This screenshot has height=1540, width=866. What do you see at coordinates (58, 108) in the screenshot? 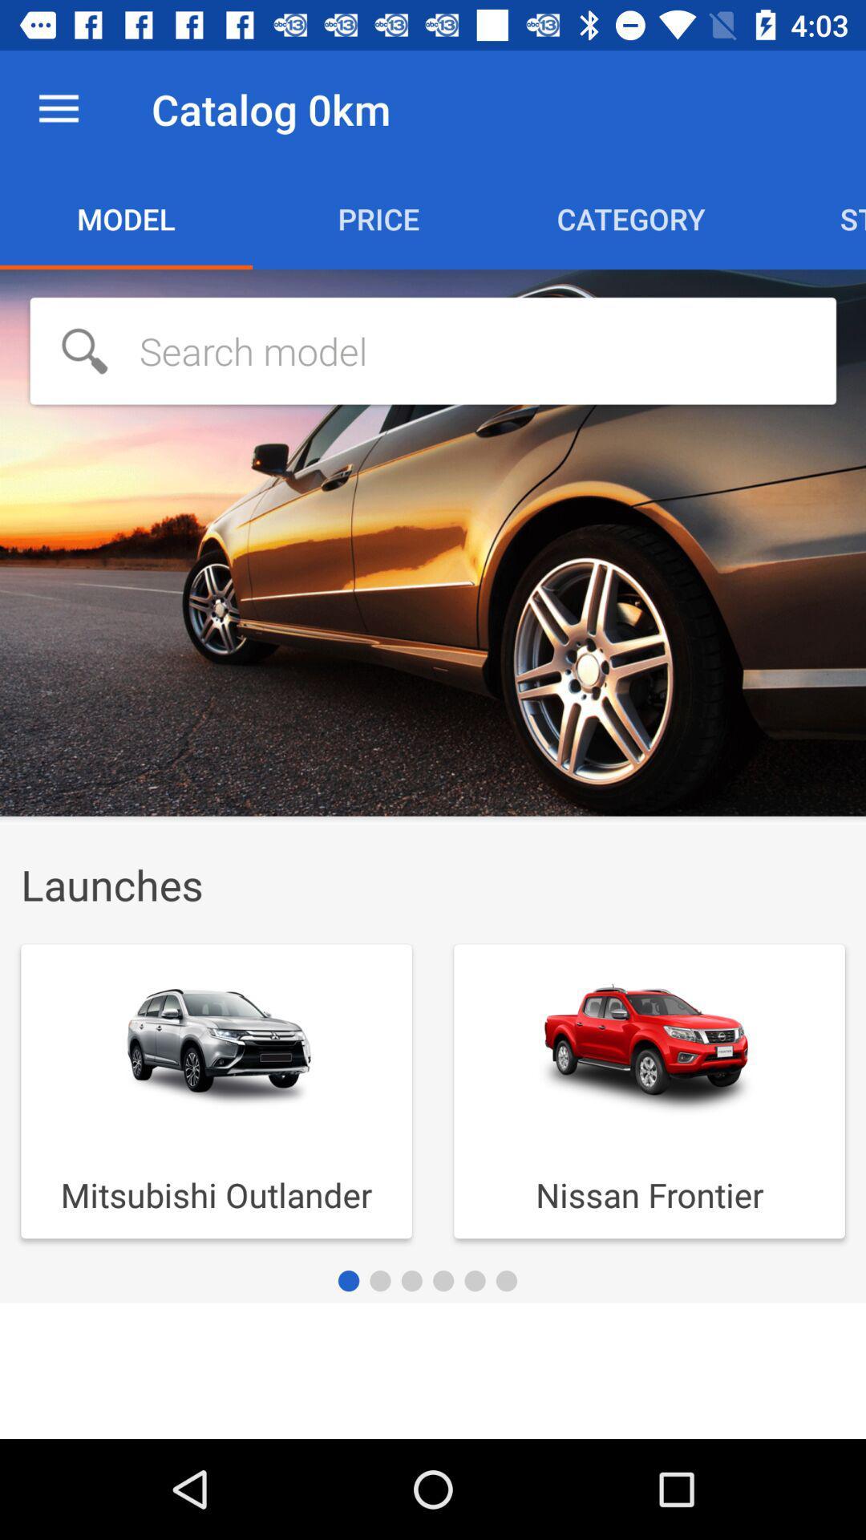
I see `icon next to the catalog 0km item` at bounding box center [58, 108].